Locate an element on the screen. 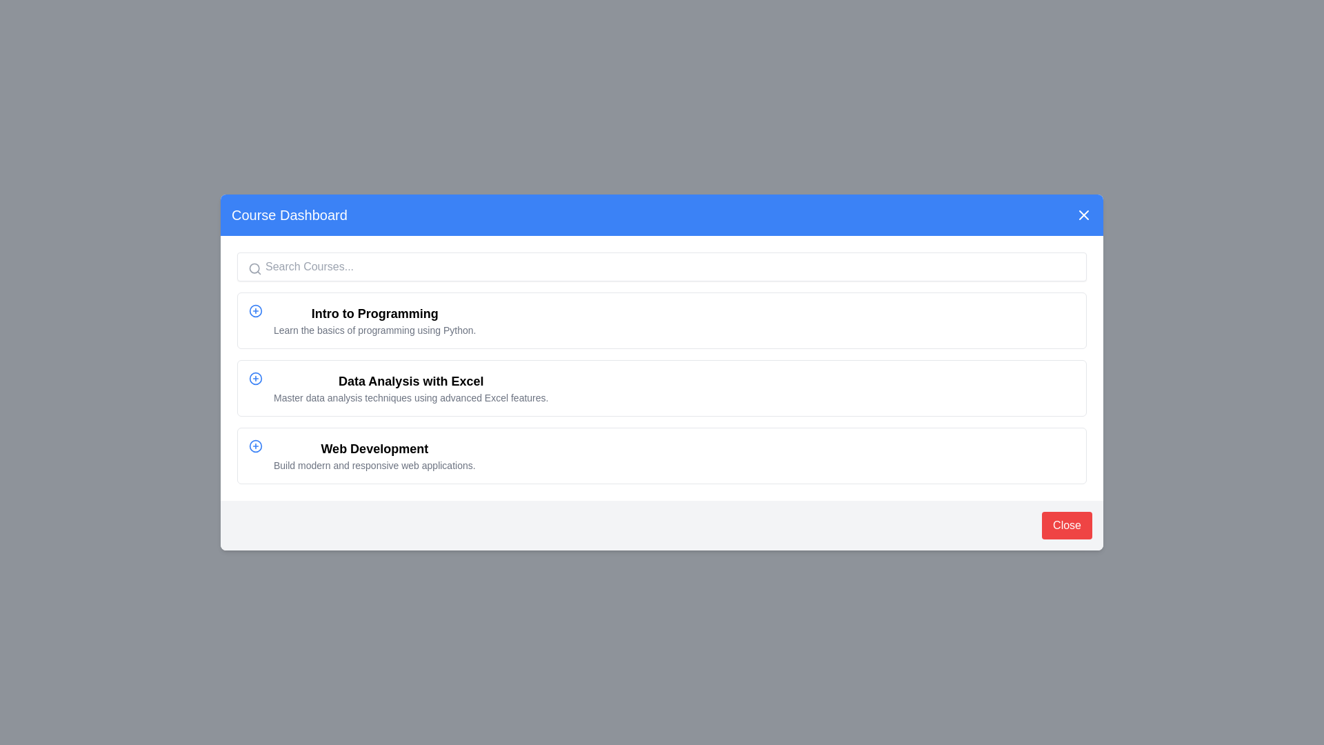 Image resolution: width=1324 pixels, height=745 pixels. the prominent red 'Close' button located in the bottom-right corner of the modal dialog is located at coordinates (1066, 526).